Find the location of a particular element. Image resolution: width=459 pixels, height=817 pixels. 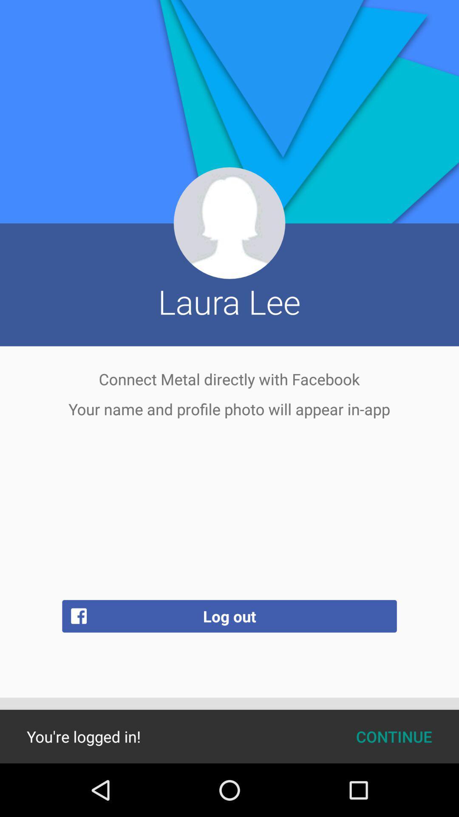

app below the your name and icon is located at coordinates (229, 616).